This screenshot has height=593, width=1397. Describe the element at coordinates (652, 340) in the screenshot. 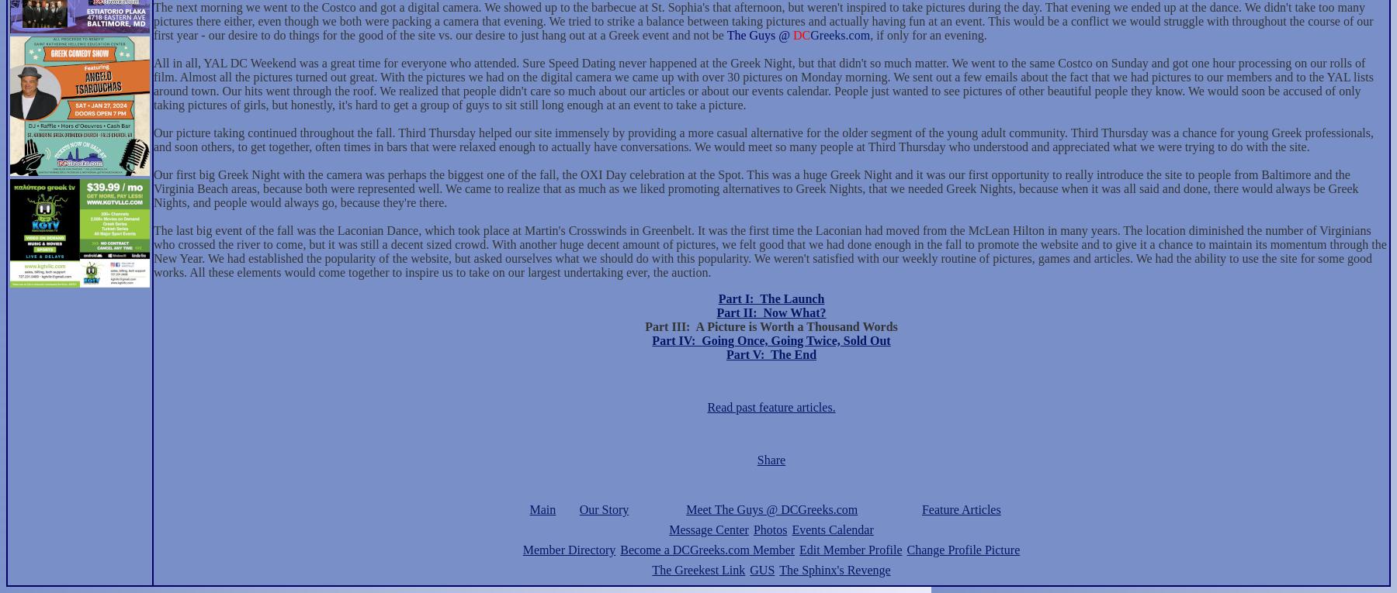

I see `'Part IV:'` at that location.